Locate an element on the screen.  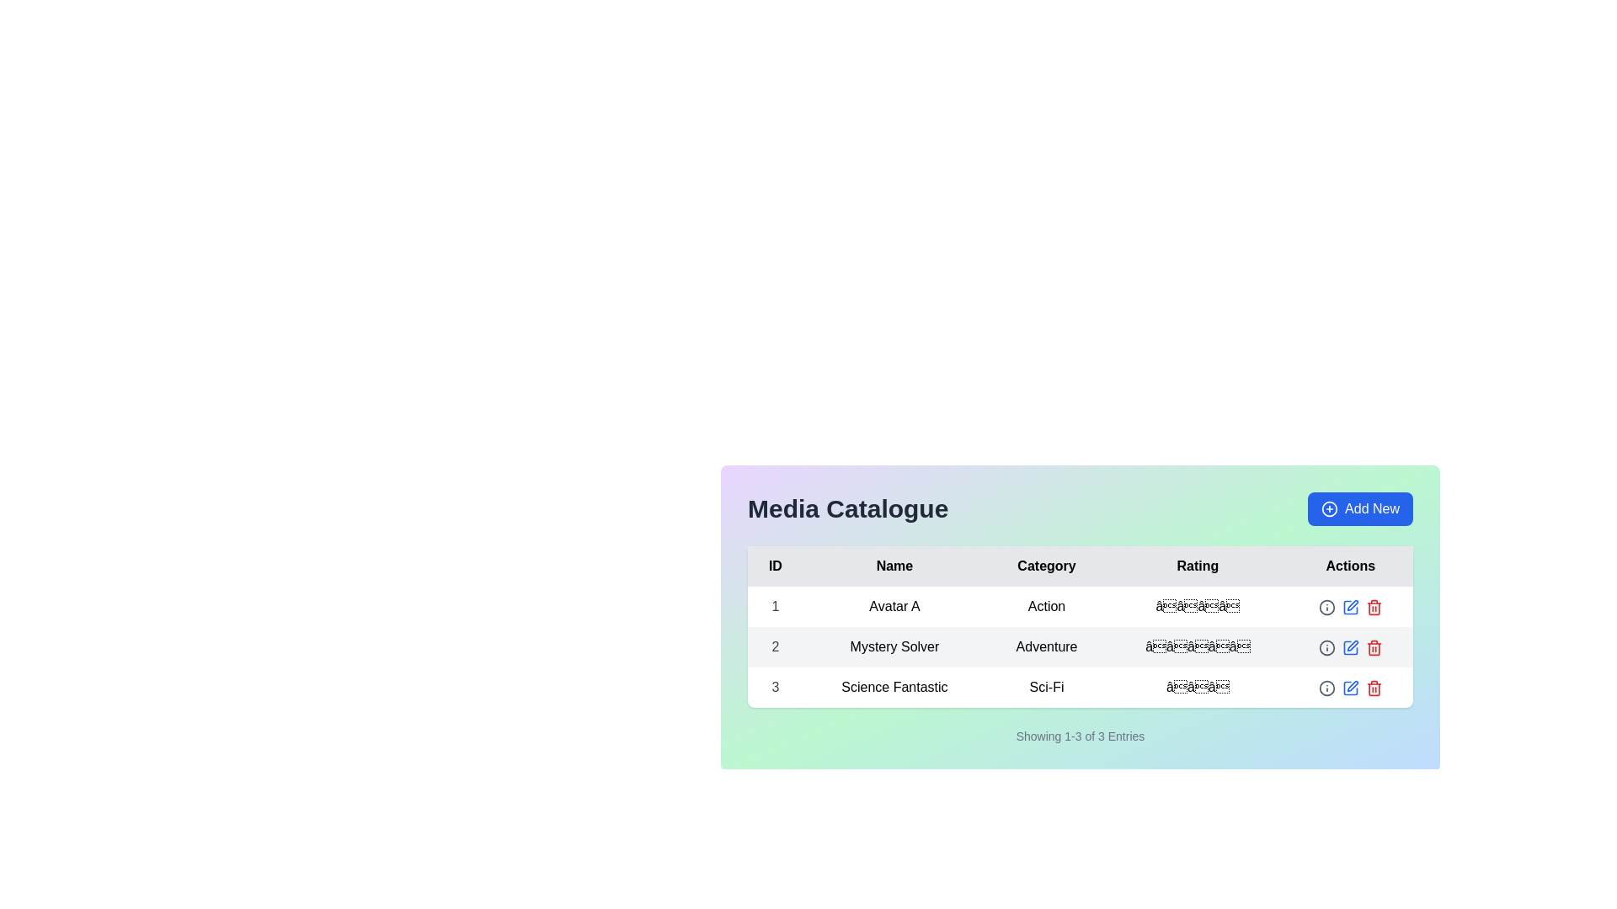
the informational Icon button located in the 'Actions' column of the first row corresponding to 'Avatar A' is located at coordinates (1326, 607).